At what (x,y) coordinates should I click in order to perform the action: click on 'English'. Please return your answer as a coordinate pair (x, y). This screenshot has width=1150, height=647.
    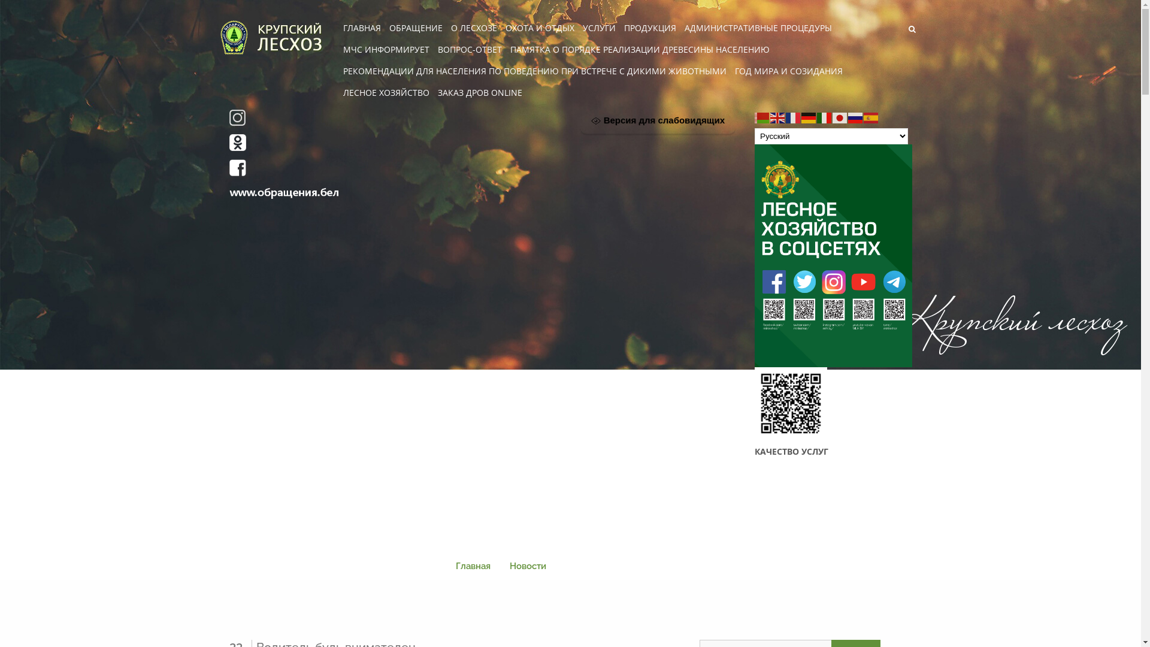
    Looking at the image, I should click on (778, 117).